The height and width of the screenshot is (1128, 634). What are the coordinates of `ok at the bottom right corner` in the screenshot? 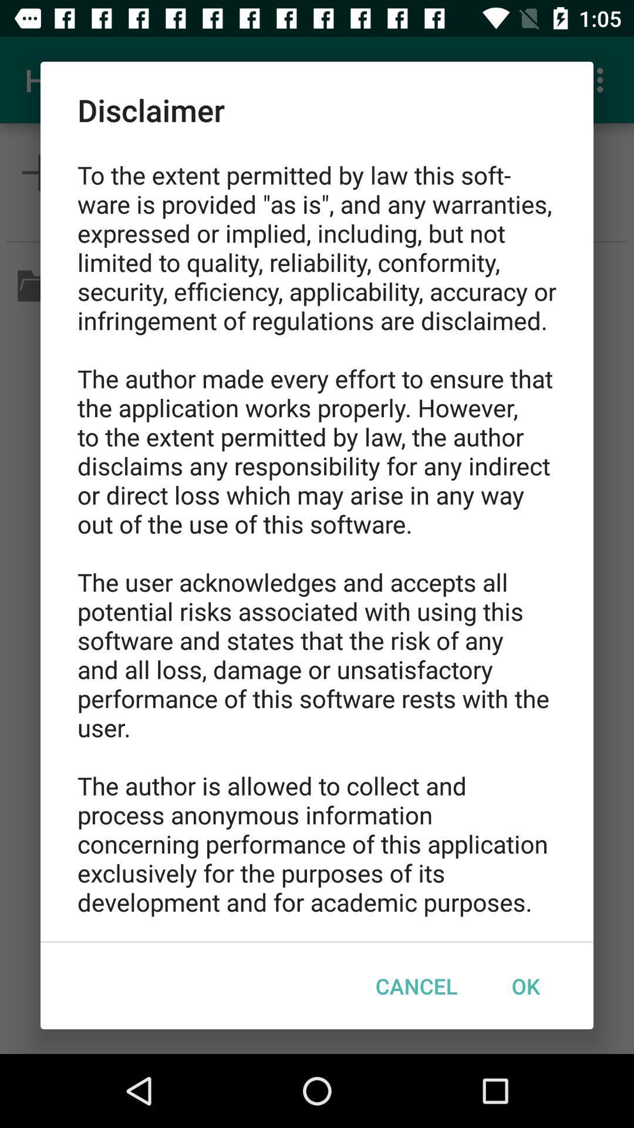 It's located at (525, 986).